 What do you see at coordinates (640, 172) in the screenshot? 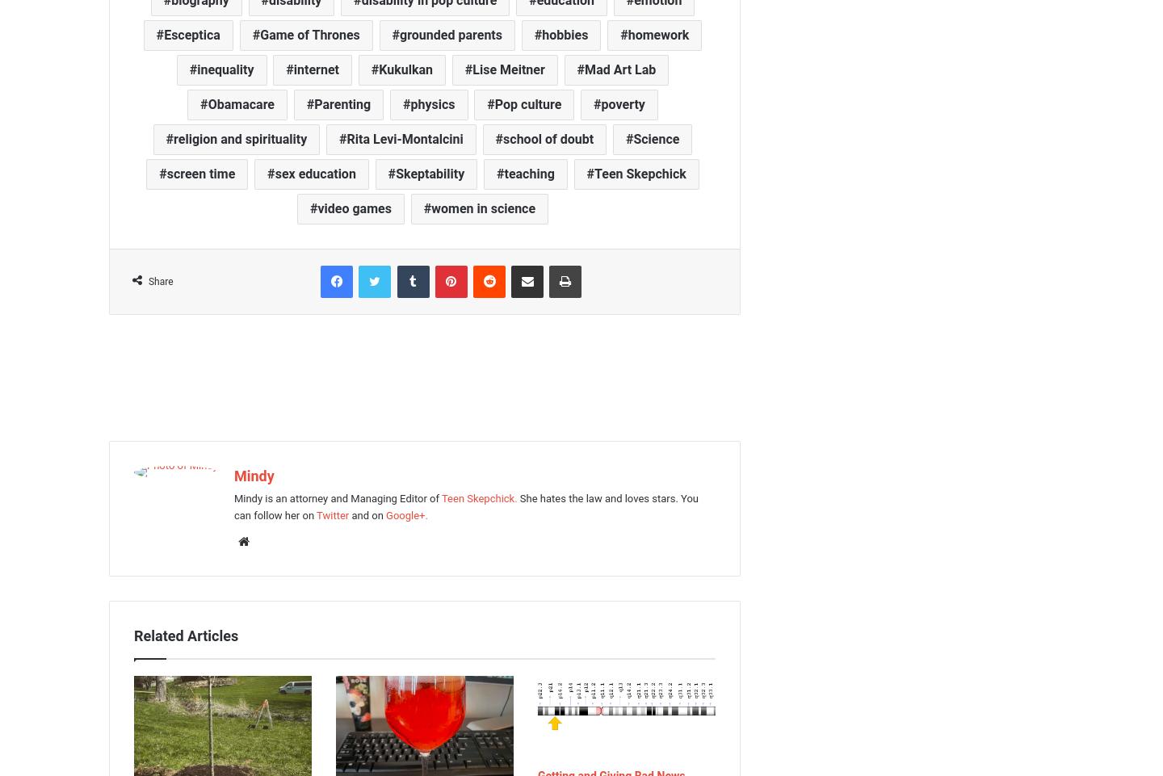
I see `'Teen Skepchick'` at bounding box center [640, 172].